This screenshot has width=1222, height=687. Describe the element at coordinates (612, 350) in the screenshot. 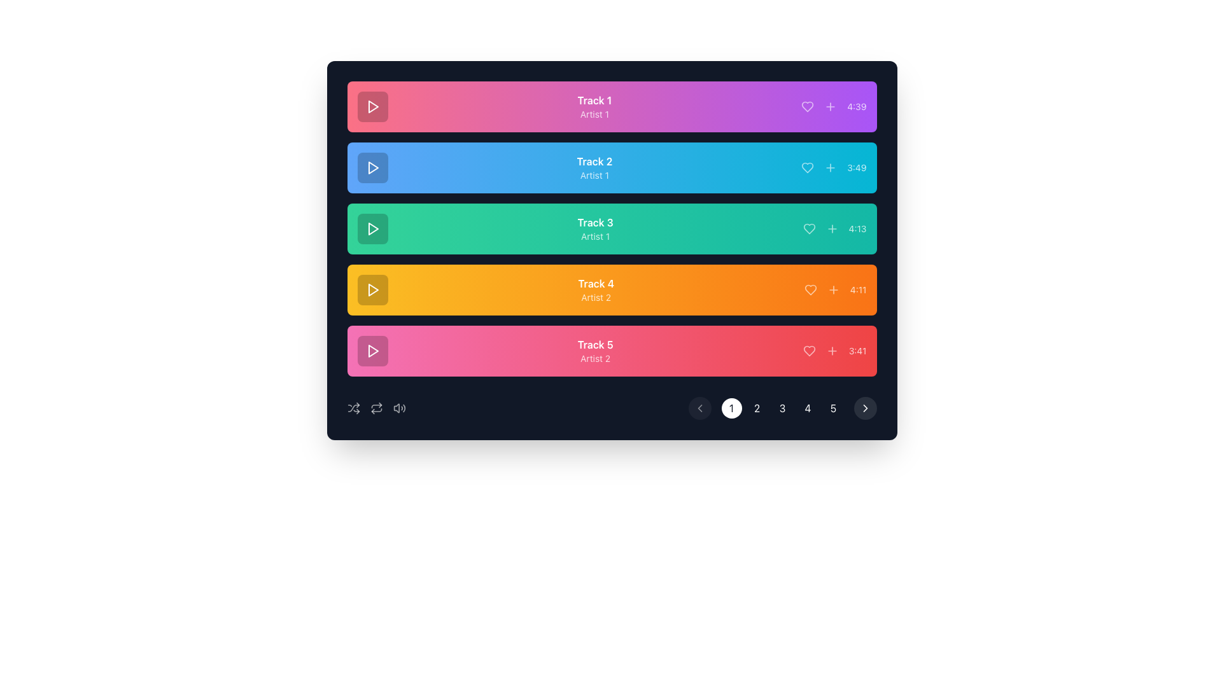

I see `the 5th track item in the music playlist` at that location.